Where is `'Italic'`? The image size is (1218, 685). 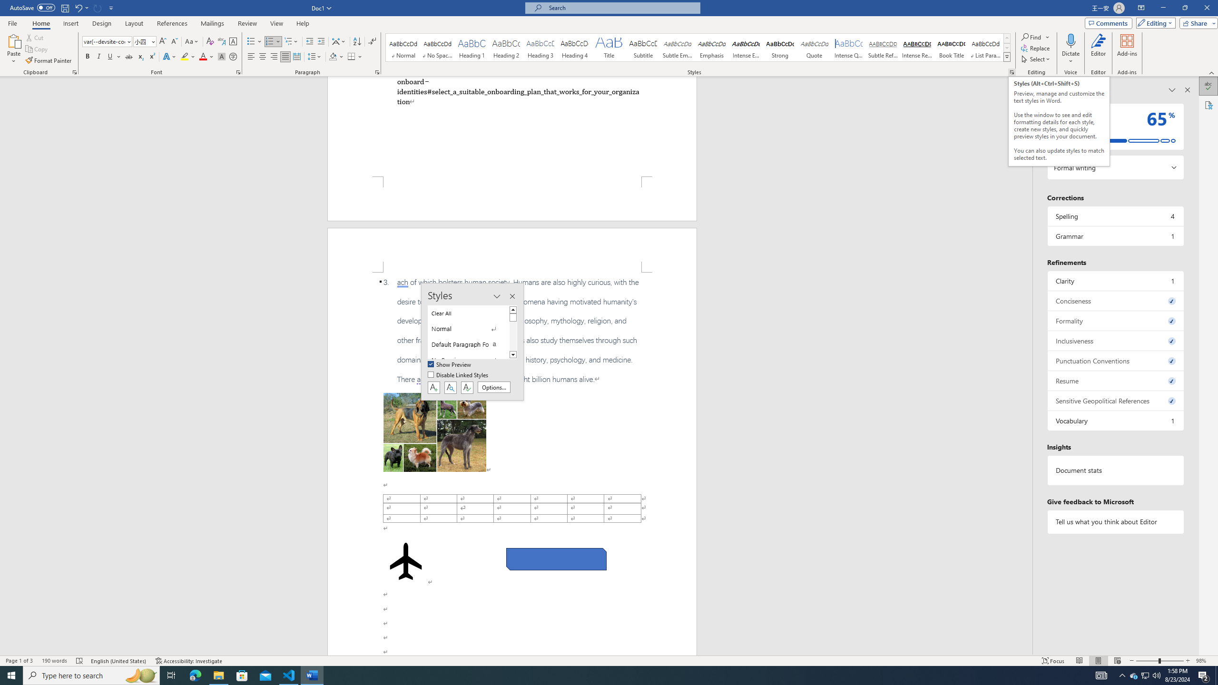 'Italic' is located at coordinates (98, 56).